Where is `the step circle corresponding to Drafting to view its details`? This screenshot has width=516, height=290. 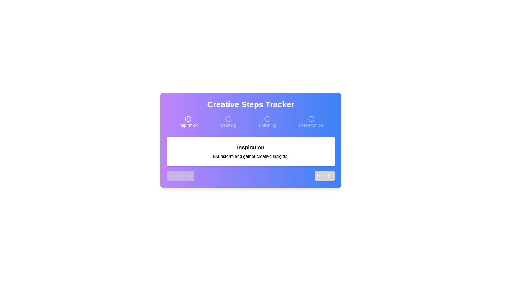
the step circle corresponding to Drafting to view its details is located at coordinates (228, 122).